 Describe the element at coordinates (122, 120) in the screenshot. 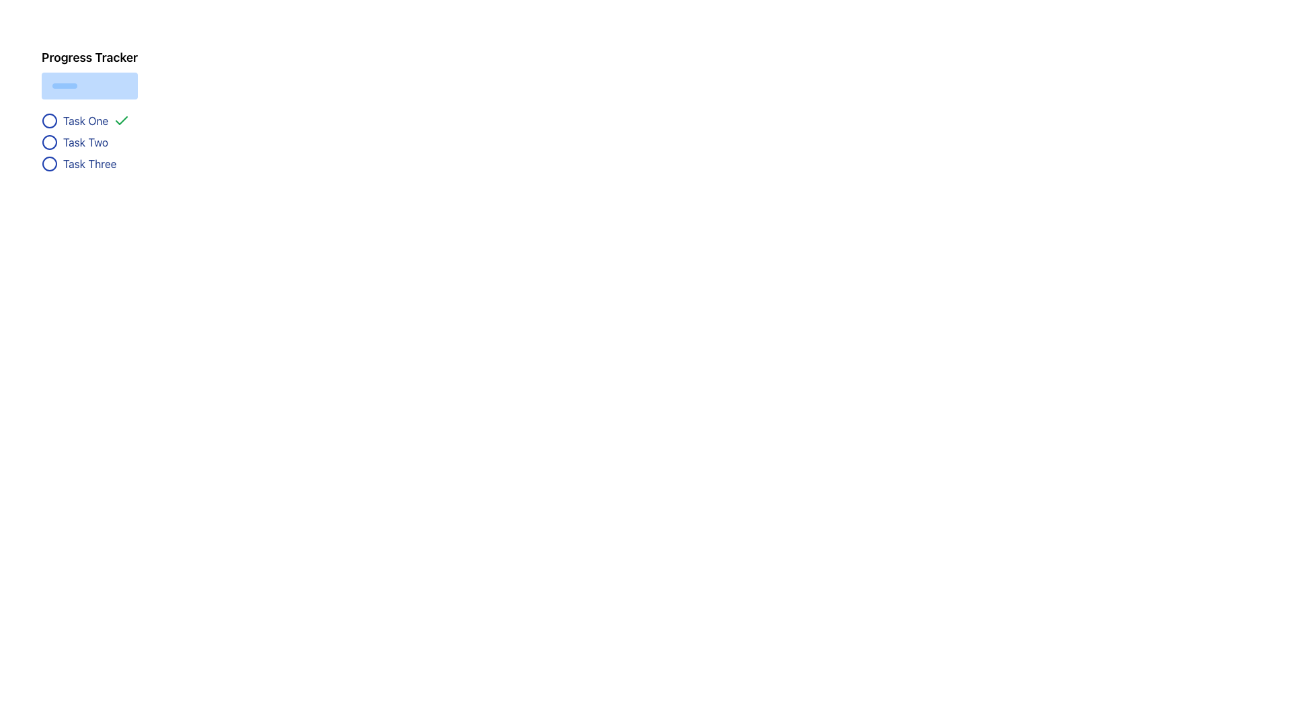

I see `the visual change of the green checkmark icon indicating the completion of 'Task One' by focusing on the icon adjacent to the text` at that location.